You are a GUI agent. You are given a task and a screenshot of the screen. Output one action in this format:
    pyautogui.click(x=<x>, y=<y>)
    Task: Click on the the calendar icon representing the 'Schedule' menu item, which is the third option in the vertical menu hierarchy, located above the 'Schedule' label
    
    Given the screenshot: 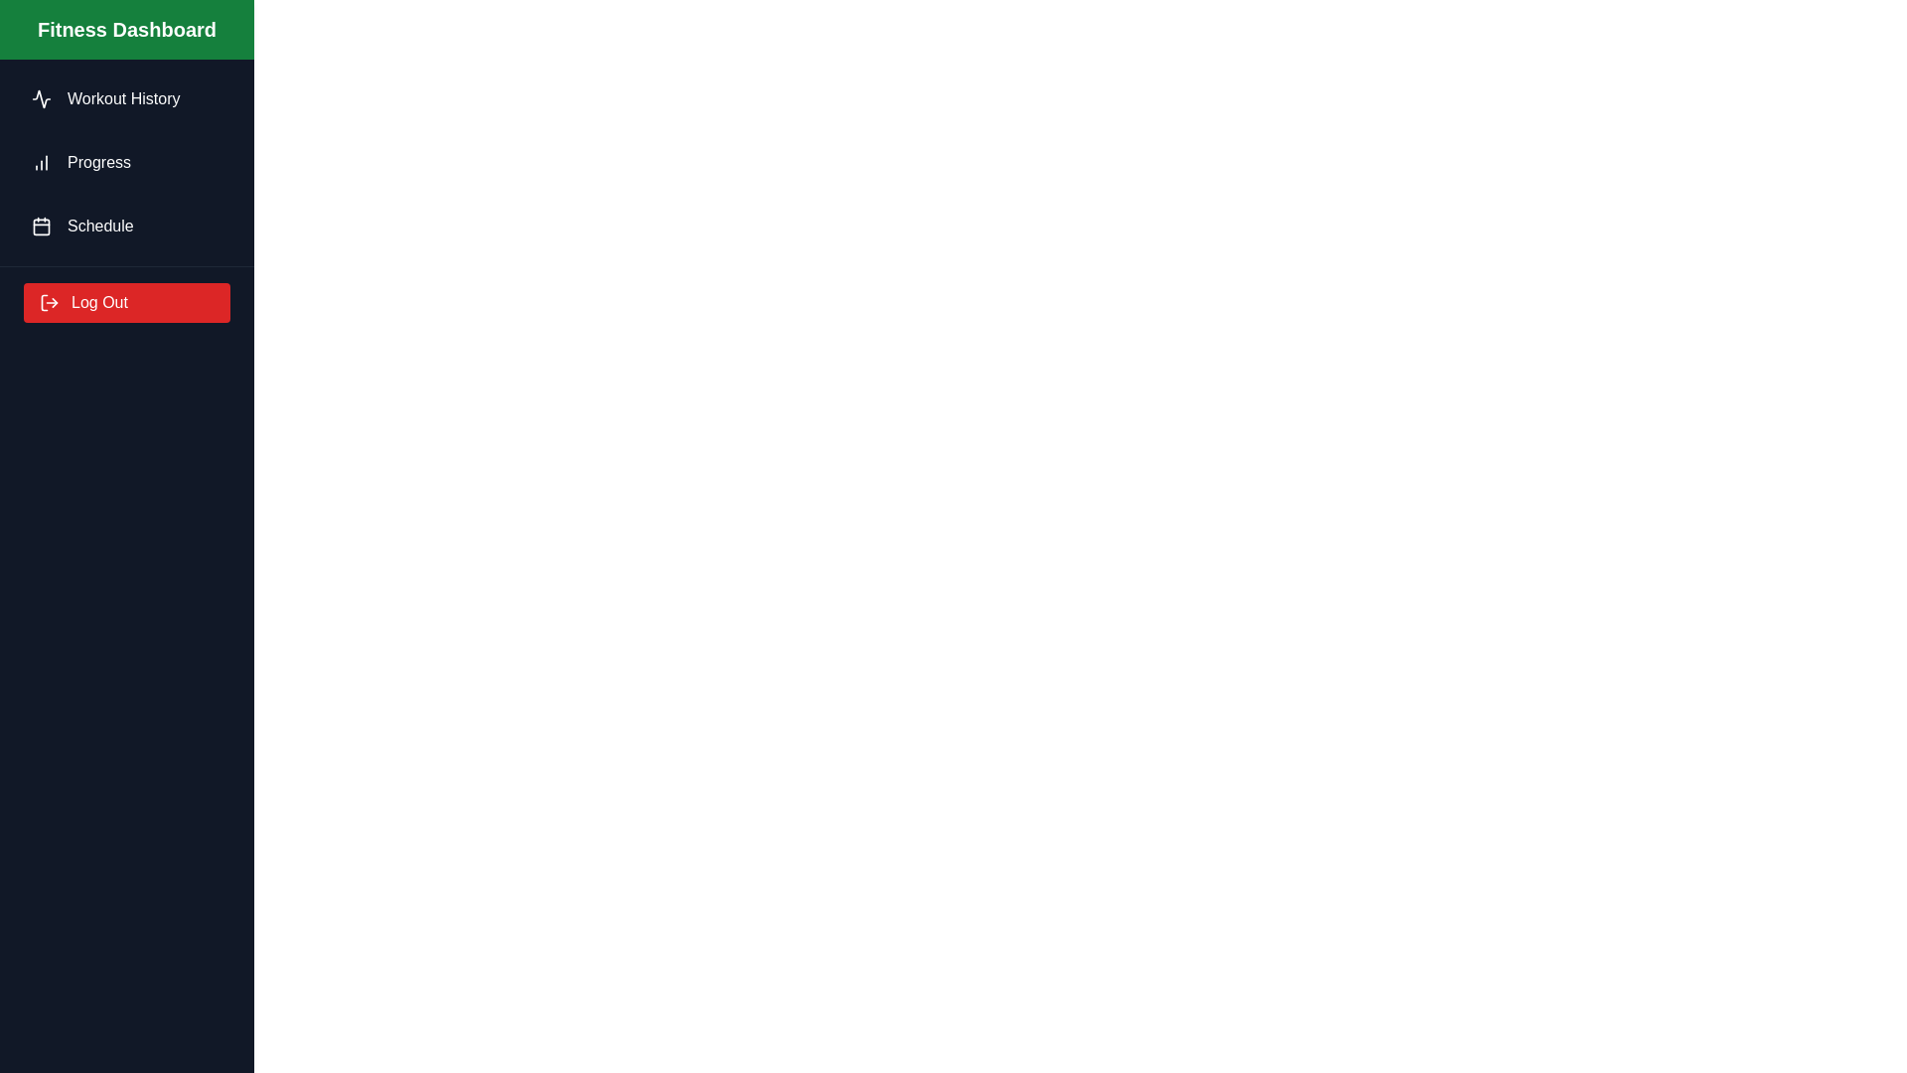 What is the action you would take?
    pyautogui.click(x=42, y=225)
    